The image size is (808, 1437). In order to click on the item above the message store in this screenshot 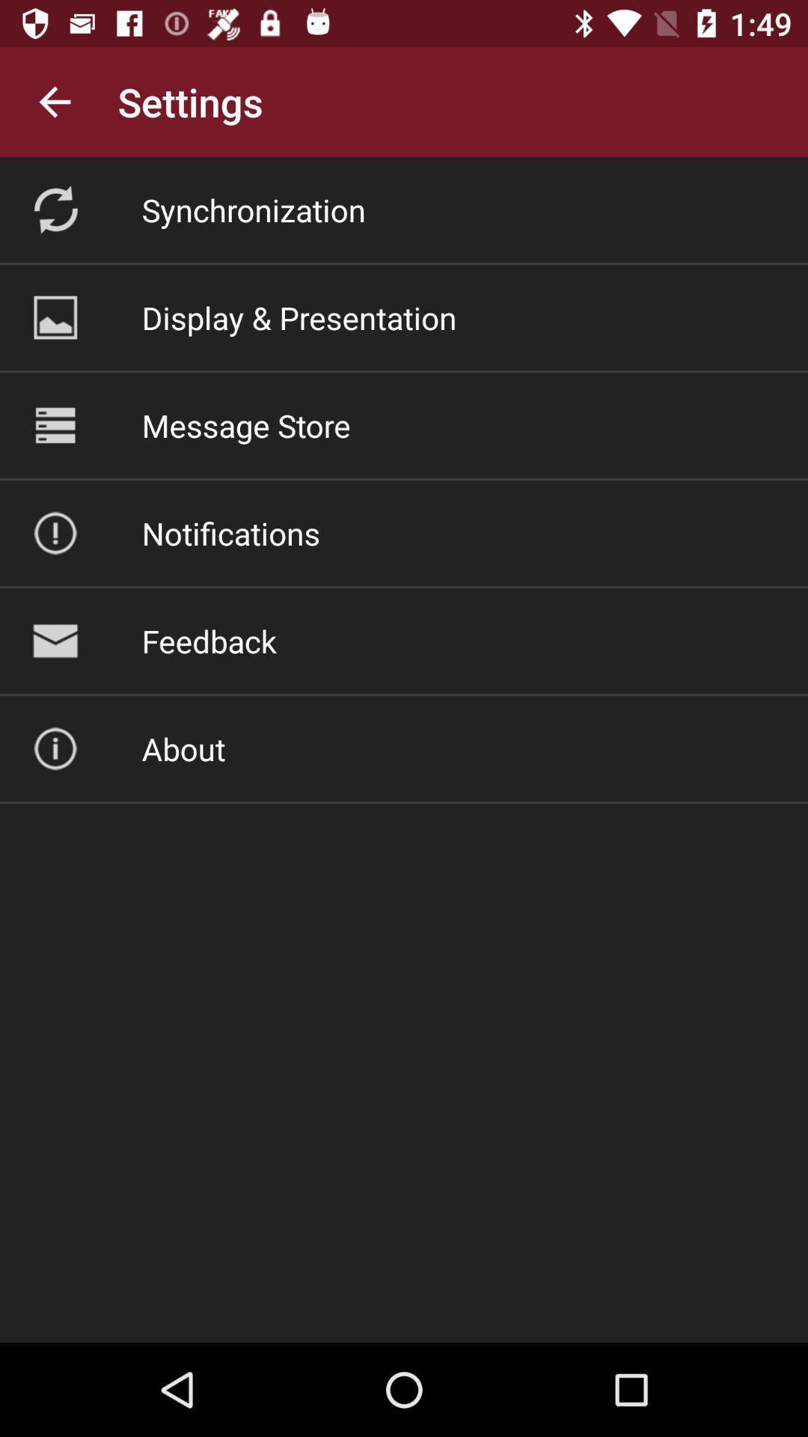, I will do `click(299, 317)`.